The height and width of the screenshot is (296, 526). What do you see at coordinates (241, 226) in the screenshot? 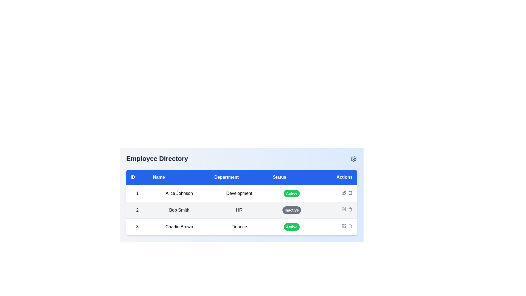
I see `the third row in the employee directory table` at bounding box center [241, 226].